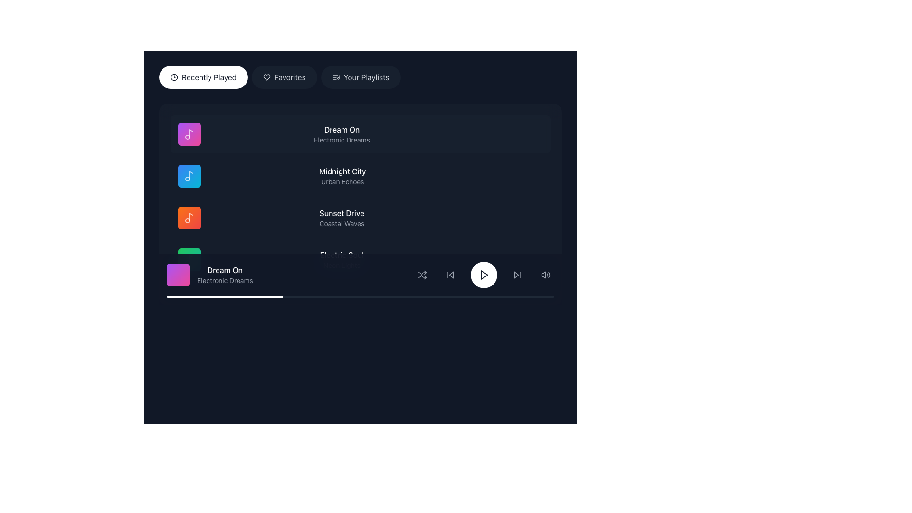 The width and height of the screenshot is (912, 513). What do you see at coordinates (189, 176) in the screenshot?
I see `the square-shaped icon with a gradient background and a music note symbol, representing 'Midnight City' by 'Urban Echoes'` at bounding box center [189, 176].